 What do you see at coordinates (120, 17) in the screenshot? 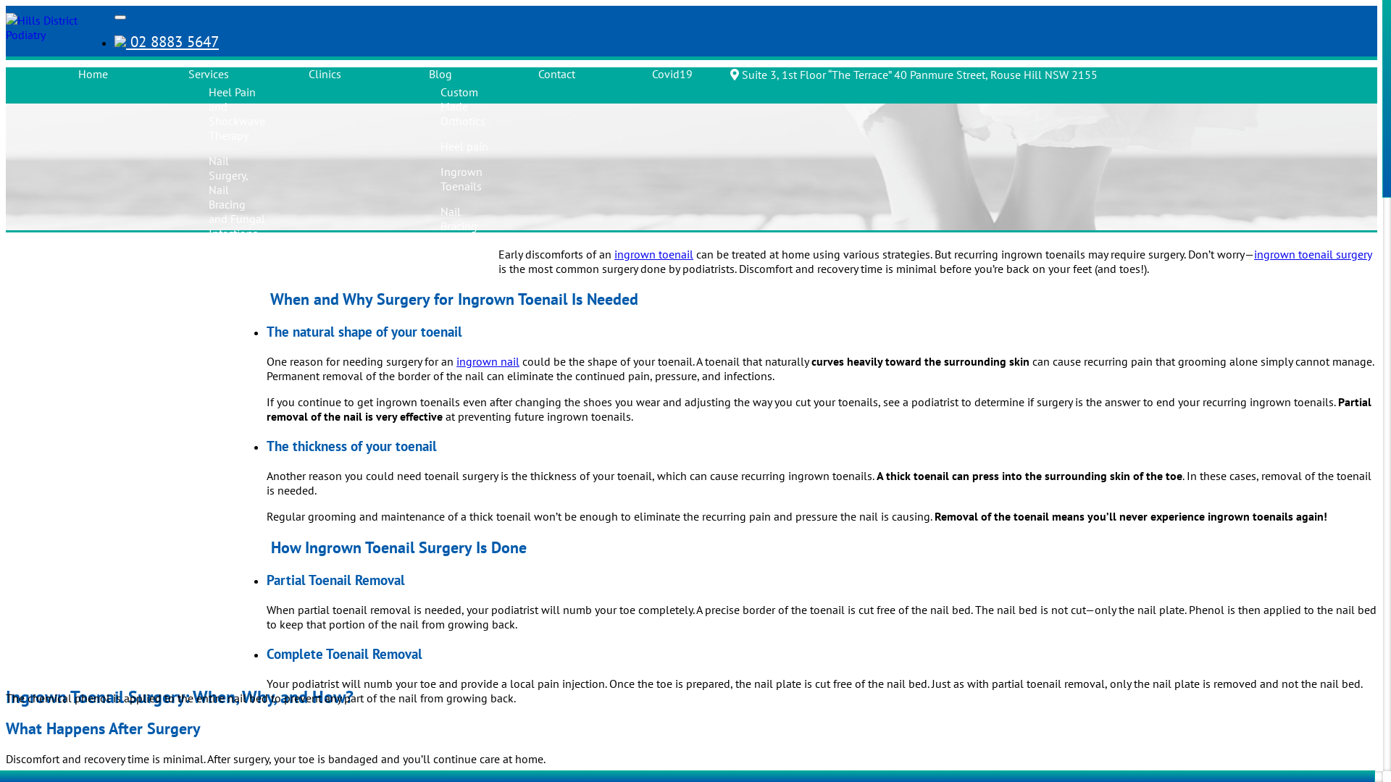
I see `'Toggle navigation'` at bounding box center [120, 17].